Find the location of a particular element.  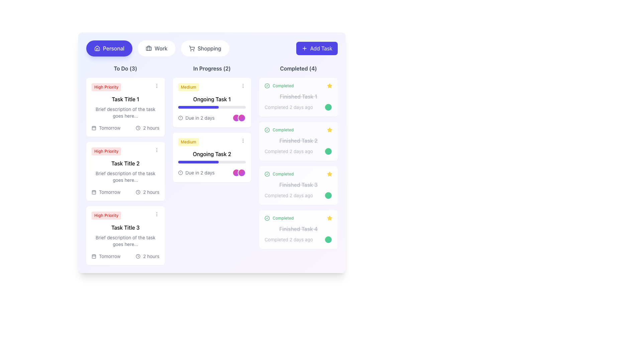

the time indication represented by the icon located in the 'To Do' section, specifically before the text '2 hours' in the card for 'Task Title 1' is located at coordinates (138, 128).